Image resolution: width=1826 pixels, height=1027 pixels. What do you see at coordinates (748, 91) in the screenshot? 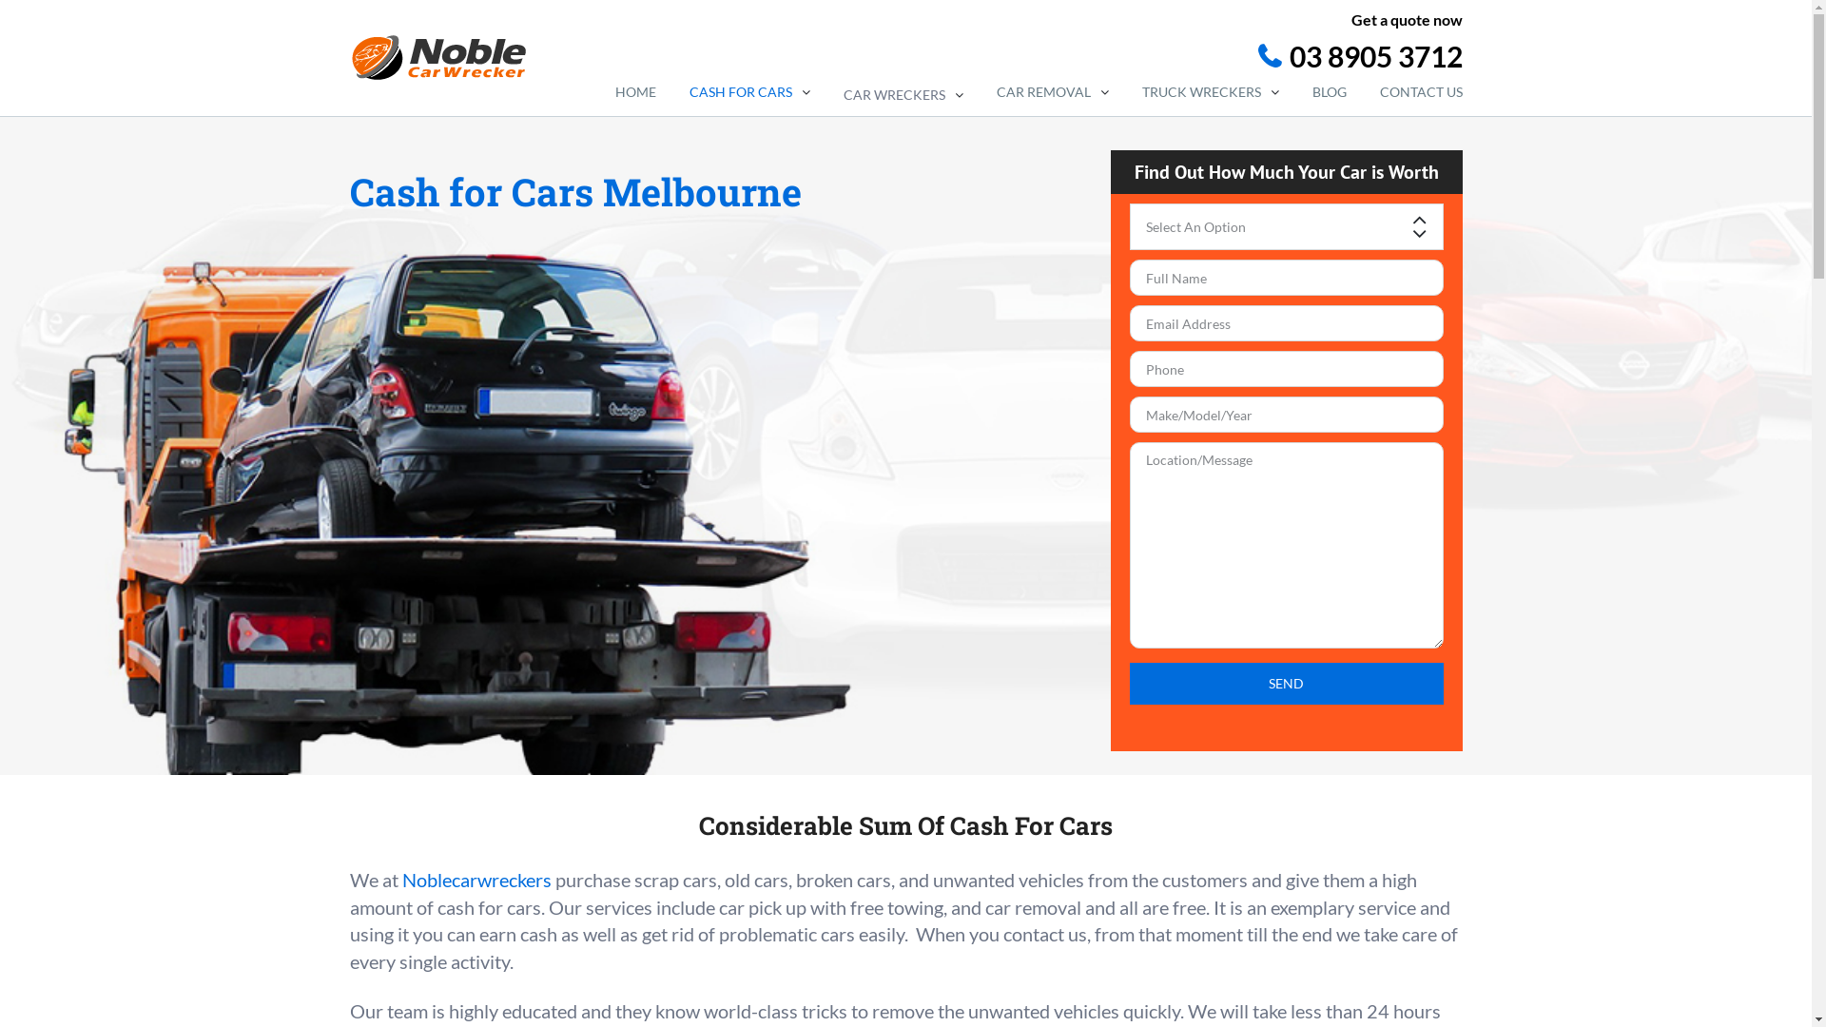
I see `'CASH FOR CARS'` at bounding box center [748, 91].